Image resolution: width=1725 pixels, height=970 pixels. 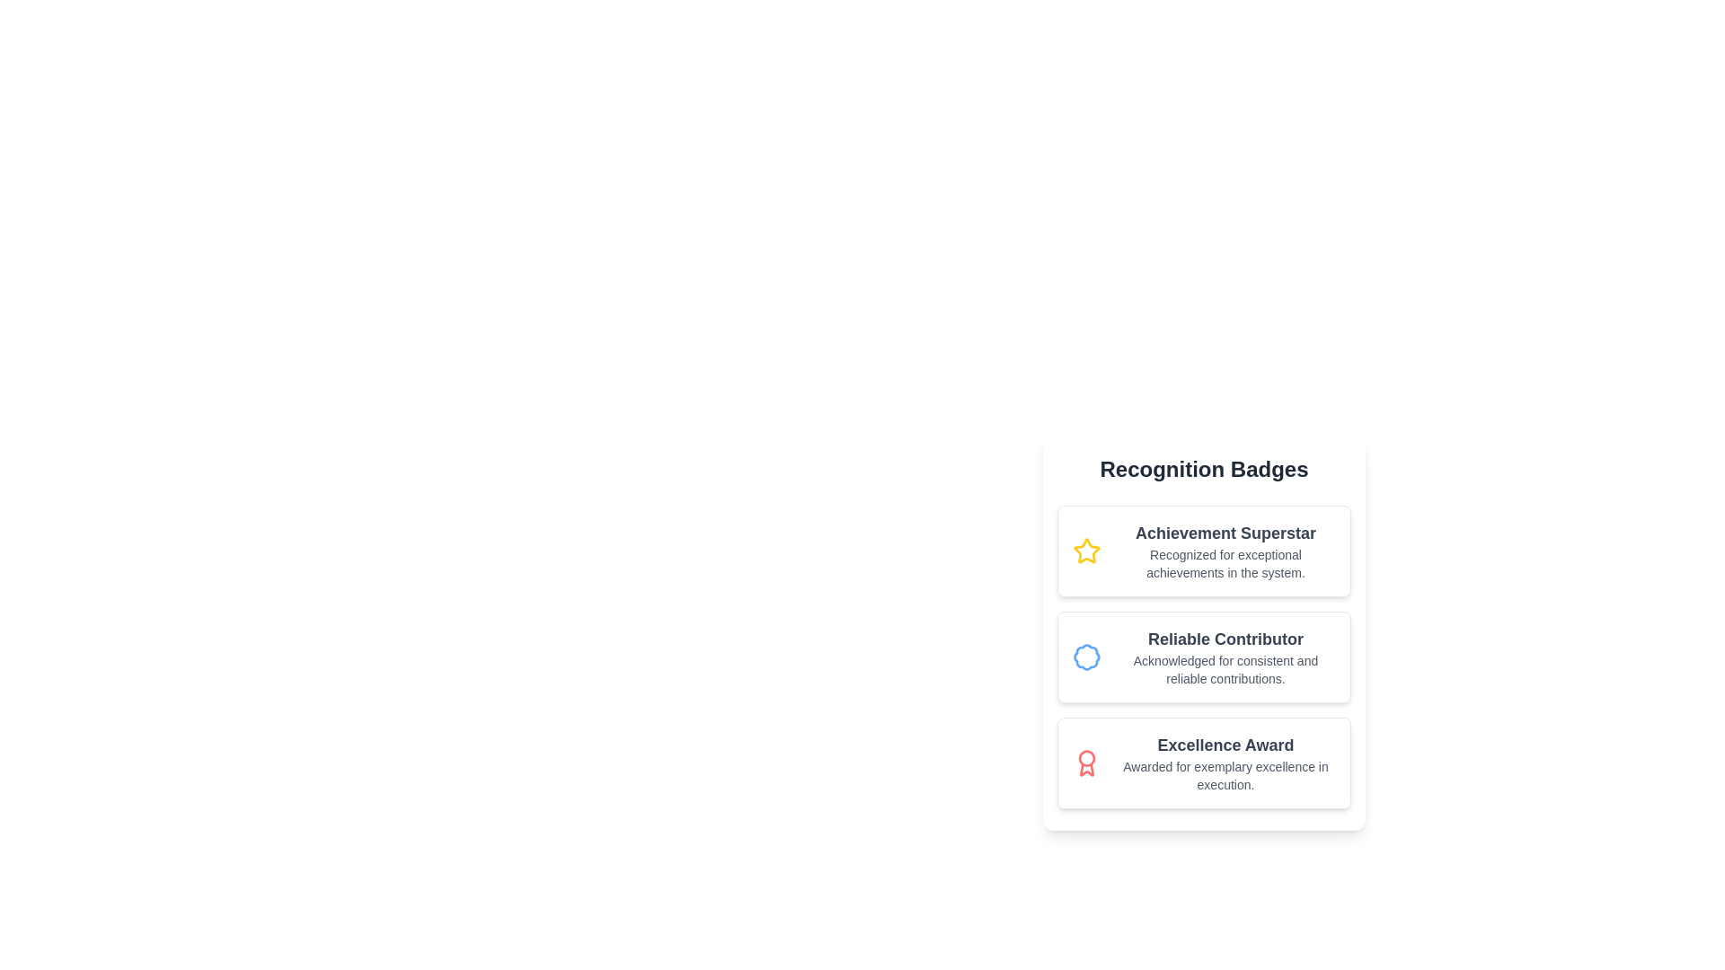 I want to click on the star icon with yellow outlines representing the 'Achievement Superstar' badge, located at the left side of the rectangular area in the 'Recognition Badges' list, so click(x=1085, y=550).